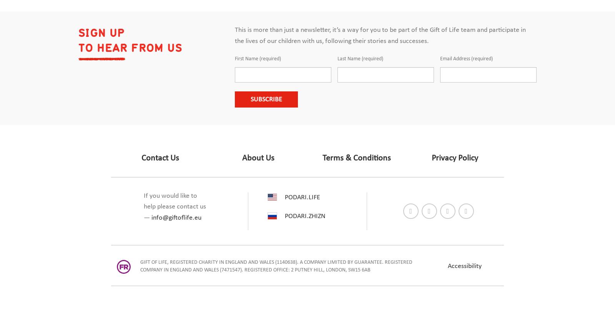 Image resolution: width=615 pixels, height=321 pixels. I want to click on 'If you would like to help please contact us —', so click(175, 206).